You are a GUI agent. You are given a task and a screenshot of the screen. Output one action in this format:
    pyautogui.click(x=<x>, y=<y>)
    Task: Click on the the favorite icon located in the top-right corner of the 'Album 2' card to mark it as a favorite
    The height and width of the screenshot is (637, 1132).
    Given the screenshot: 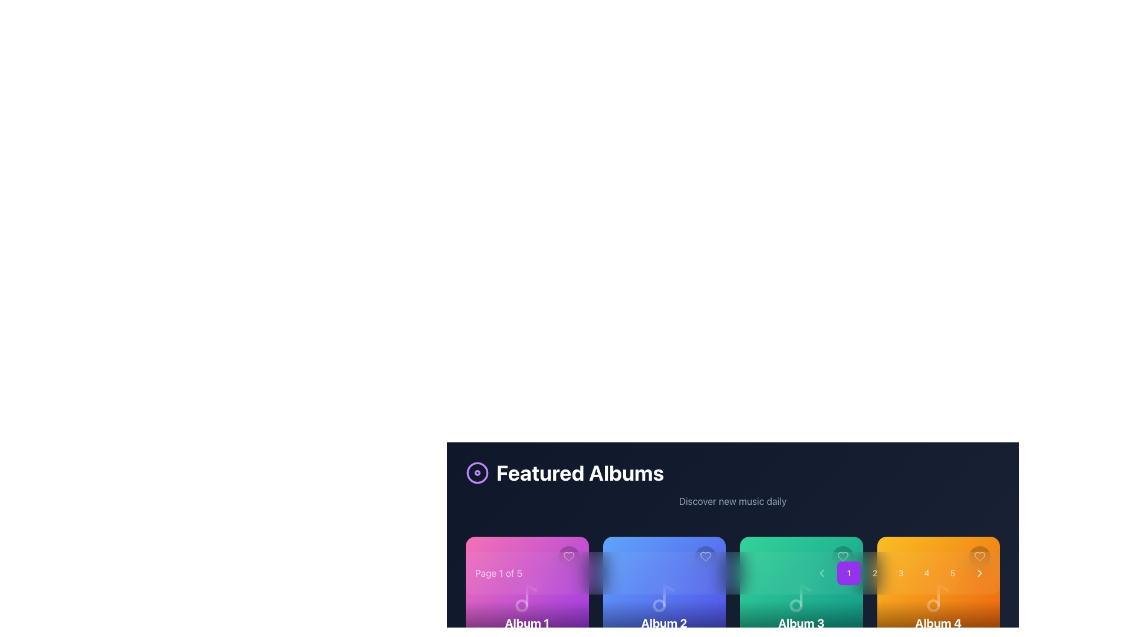 What is the action you would take?
    pyautogui.click(x=705, y=557)
    